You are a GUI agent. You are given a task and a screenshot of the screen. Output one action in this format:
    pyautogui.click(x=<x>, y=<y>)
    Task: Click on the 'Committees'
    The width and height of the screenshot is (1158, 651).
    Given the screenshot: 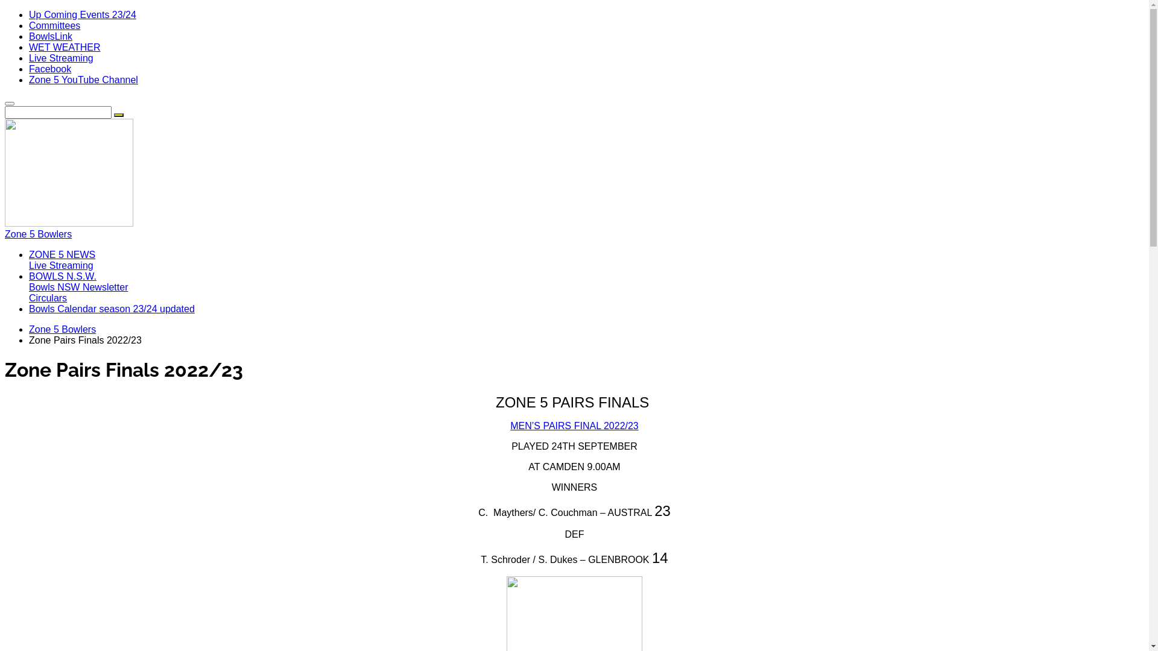 What is the action you would take?
    pyautogui.click(x=29, y=25)
    